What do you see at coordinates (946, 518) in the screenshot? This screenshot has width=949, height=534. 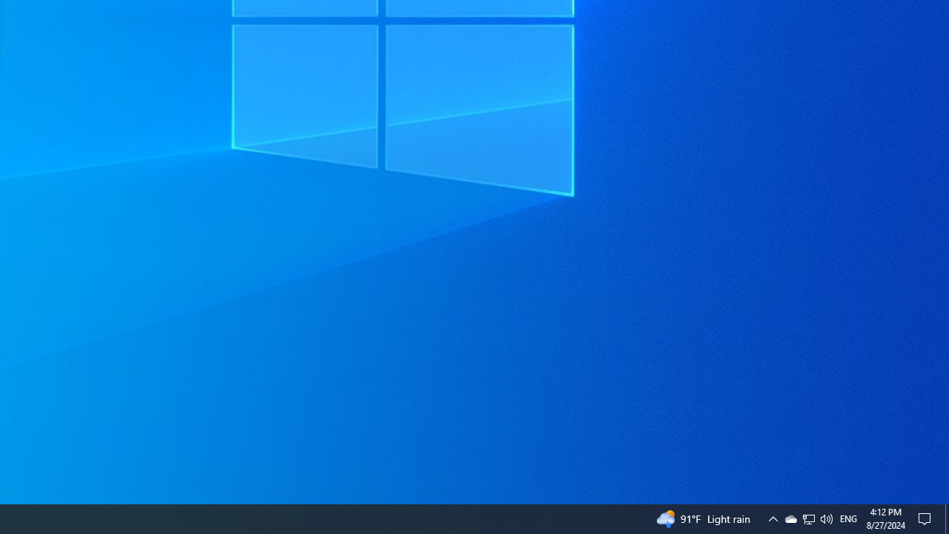 I see `'Show desktop'` at bounding box center [946, 518].